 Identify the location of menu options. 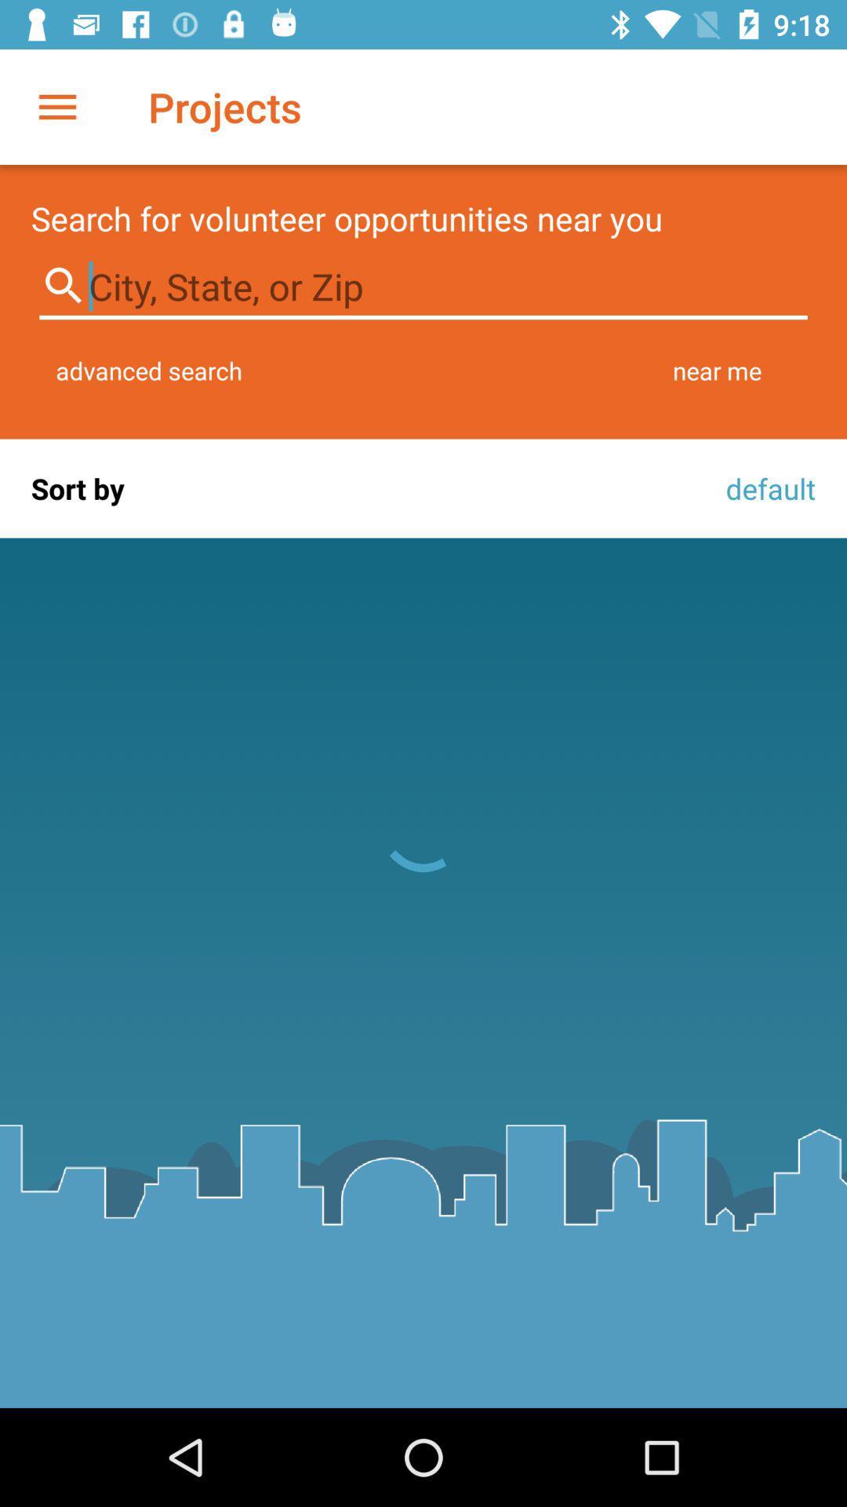
(56, 106).